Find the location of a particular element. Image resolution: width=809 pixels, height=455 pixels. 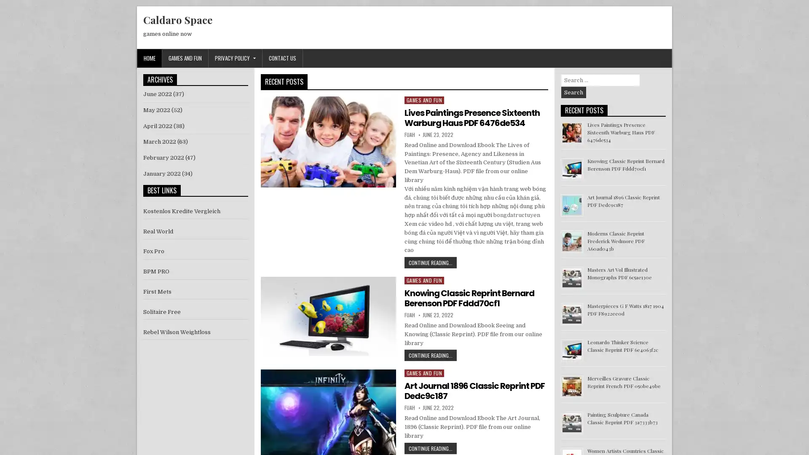

Search is located at coordinates (573, 92).